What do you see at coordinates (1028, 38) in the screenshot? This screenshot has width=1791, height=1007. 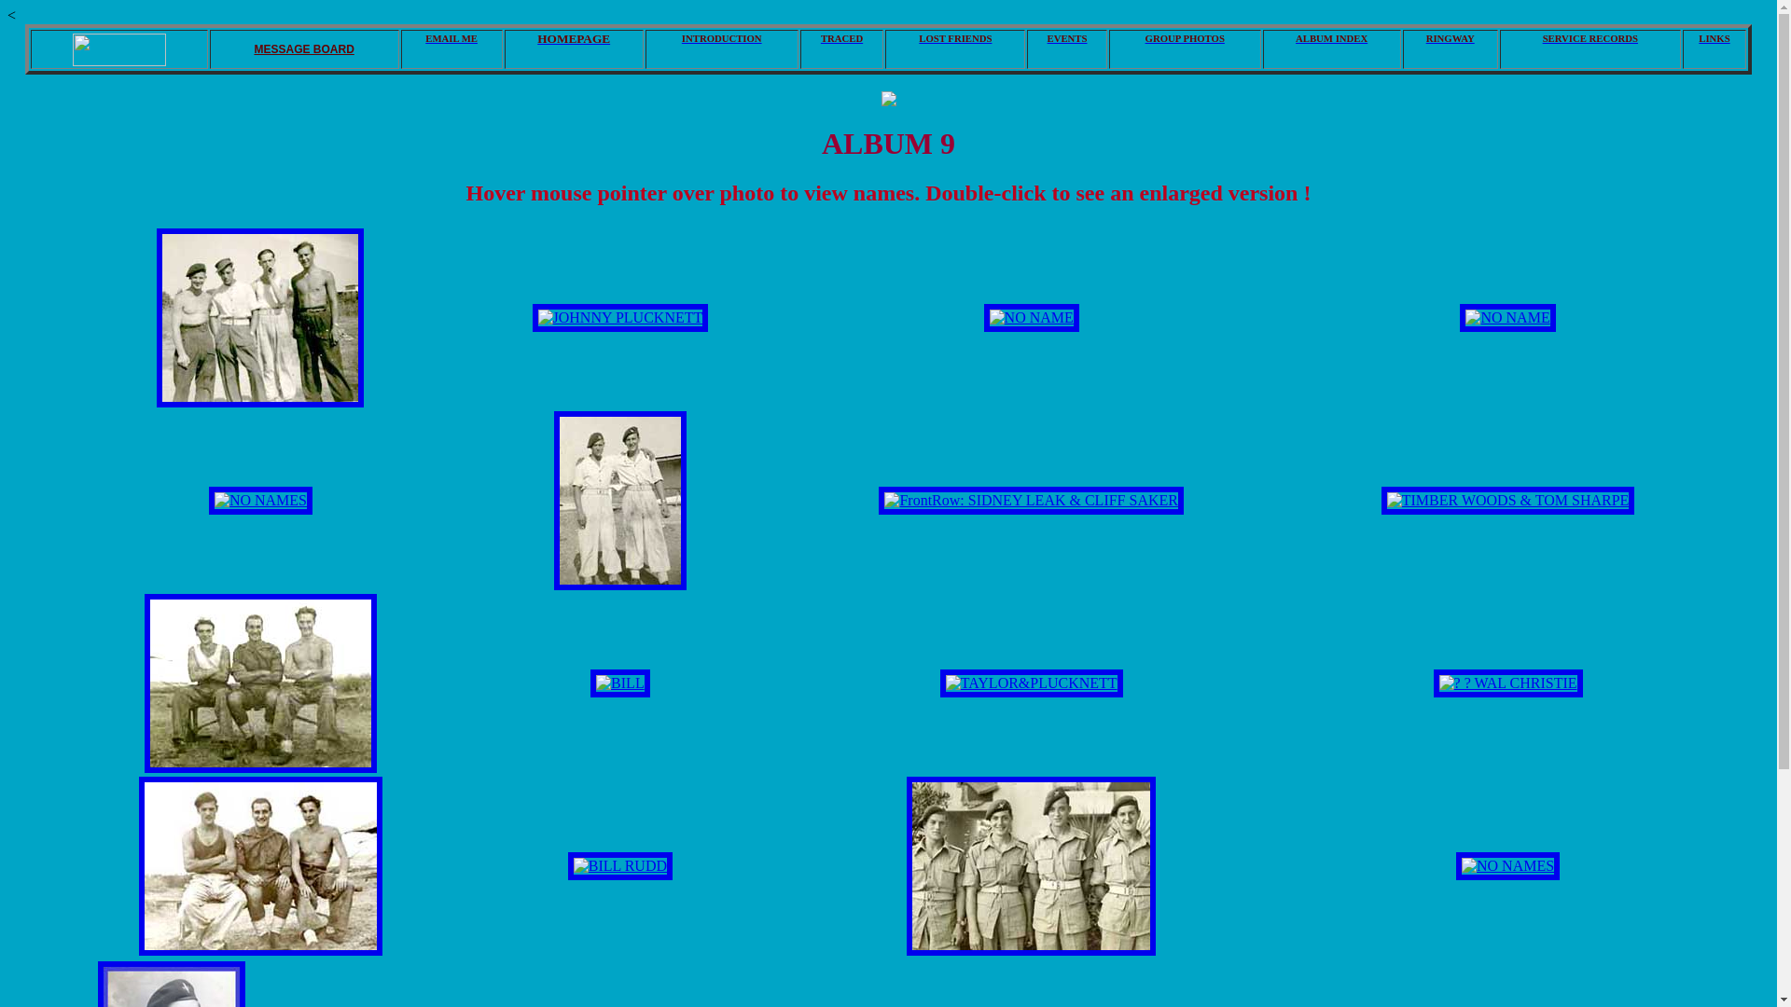 I see `'EVENTS'` at bounding box center [1028, 38].